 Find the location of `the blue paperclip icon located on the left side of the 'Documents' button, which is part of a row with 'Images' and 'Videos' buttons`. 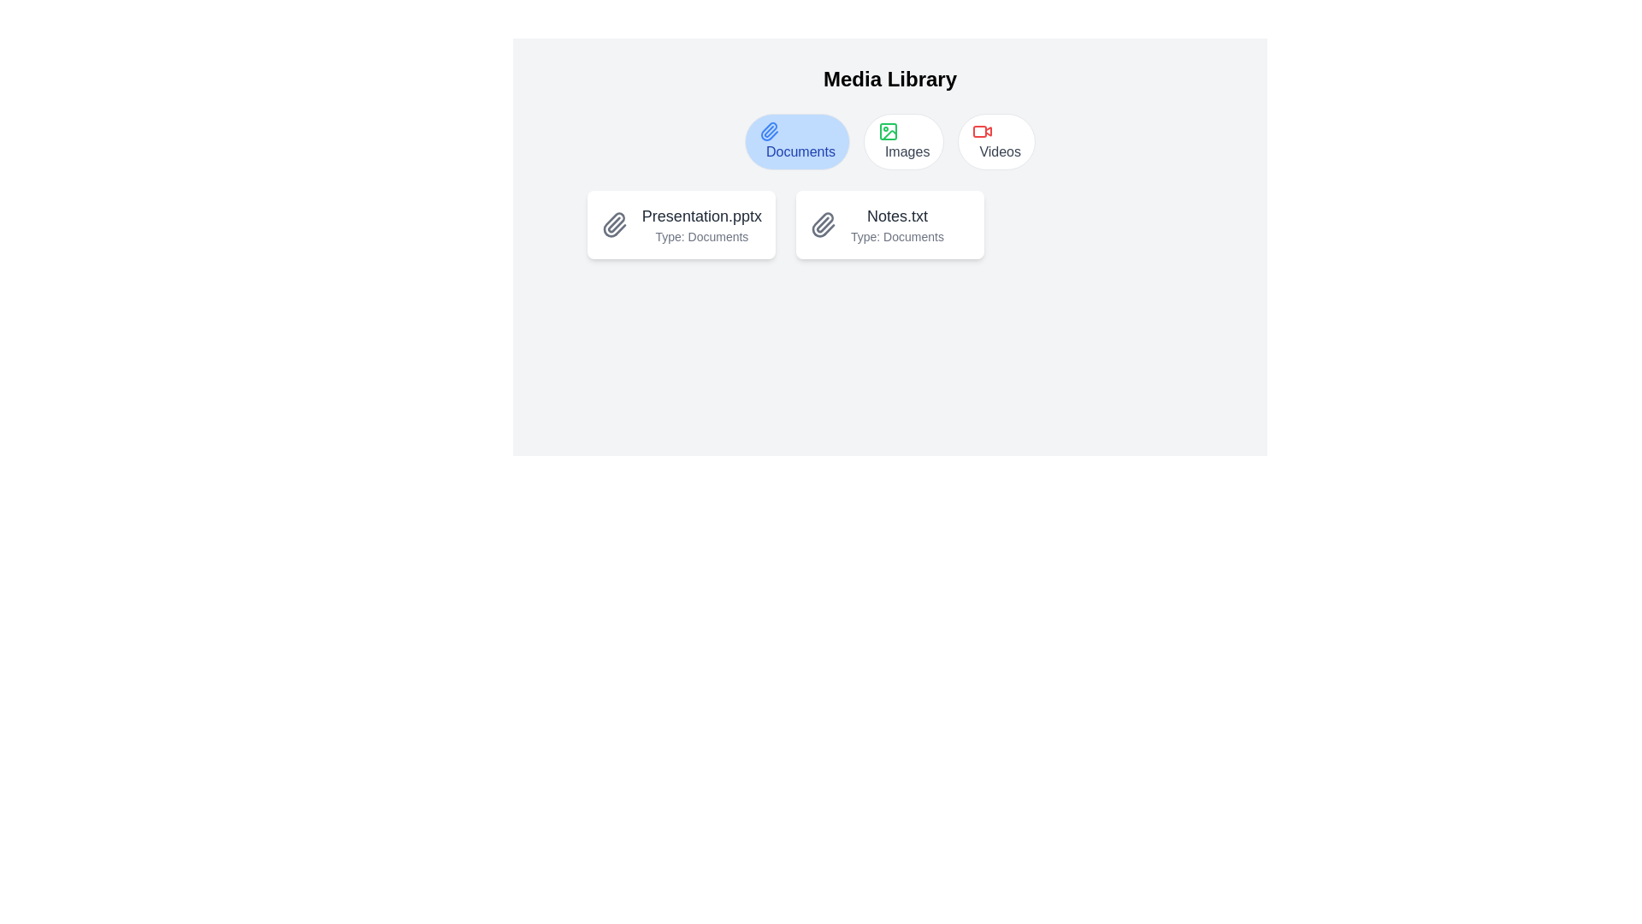

the blue paperclip icon located on the left side of the 'Documents' button, which is part of a row with 'Images' and 'Videos' buttons is located at coordinates (768, 131).